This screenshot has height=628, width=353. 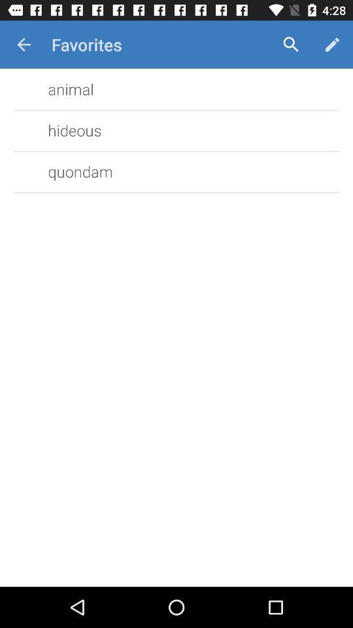 What do you see at coordinates (24, 44) in the screenshot?
I see `app next to the favorites app` at bounding box center [24, 44].